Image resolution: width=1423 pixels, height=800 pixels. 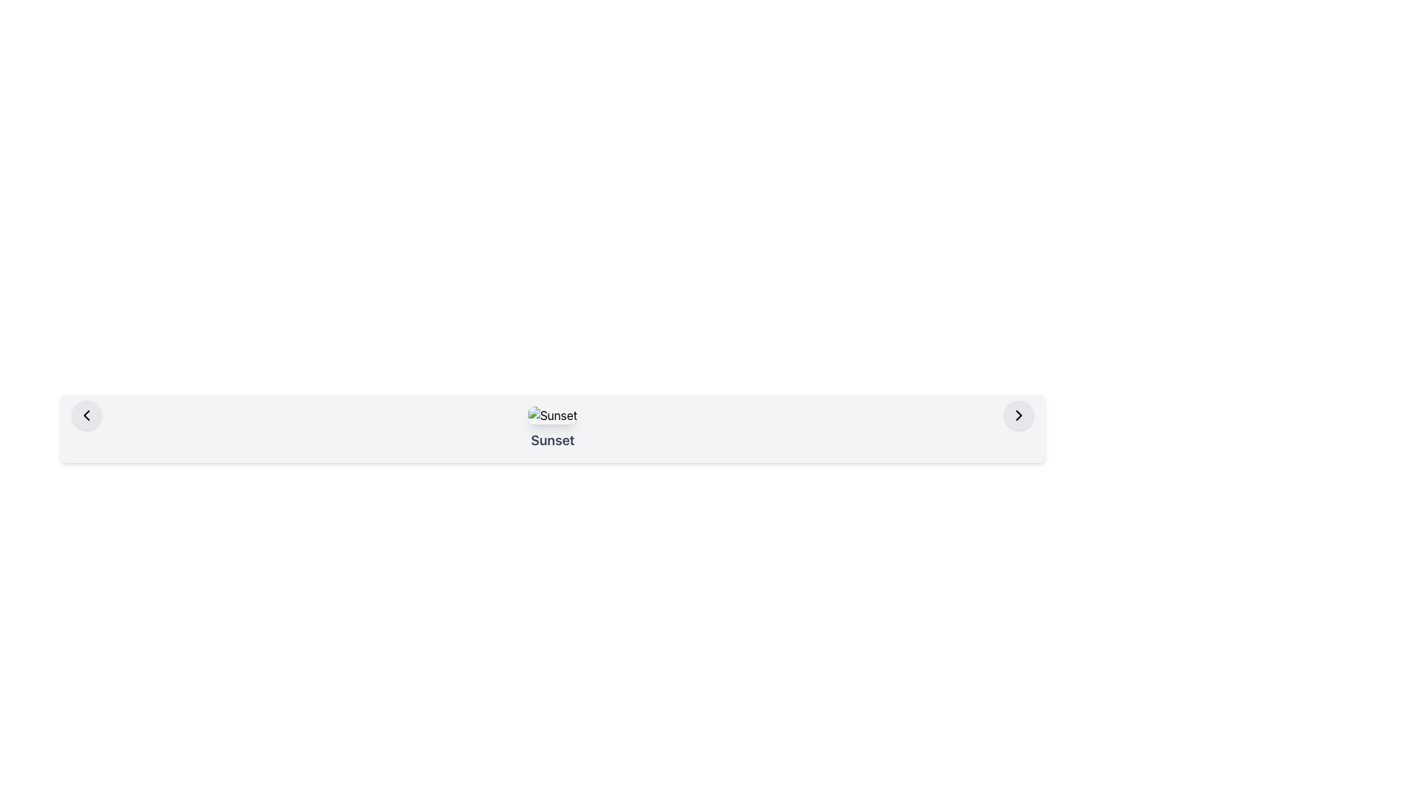 I want to click on the right-facing chevron icon located on the extreme right within the horizontal layout bar, so click(x=1018, y=415).